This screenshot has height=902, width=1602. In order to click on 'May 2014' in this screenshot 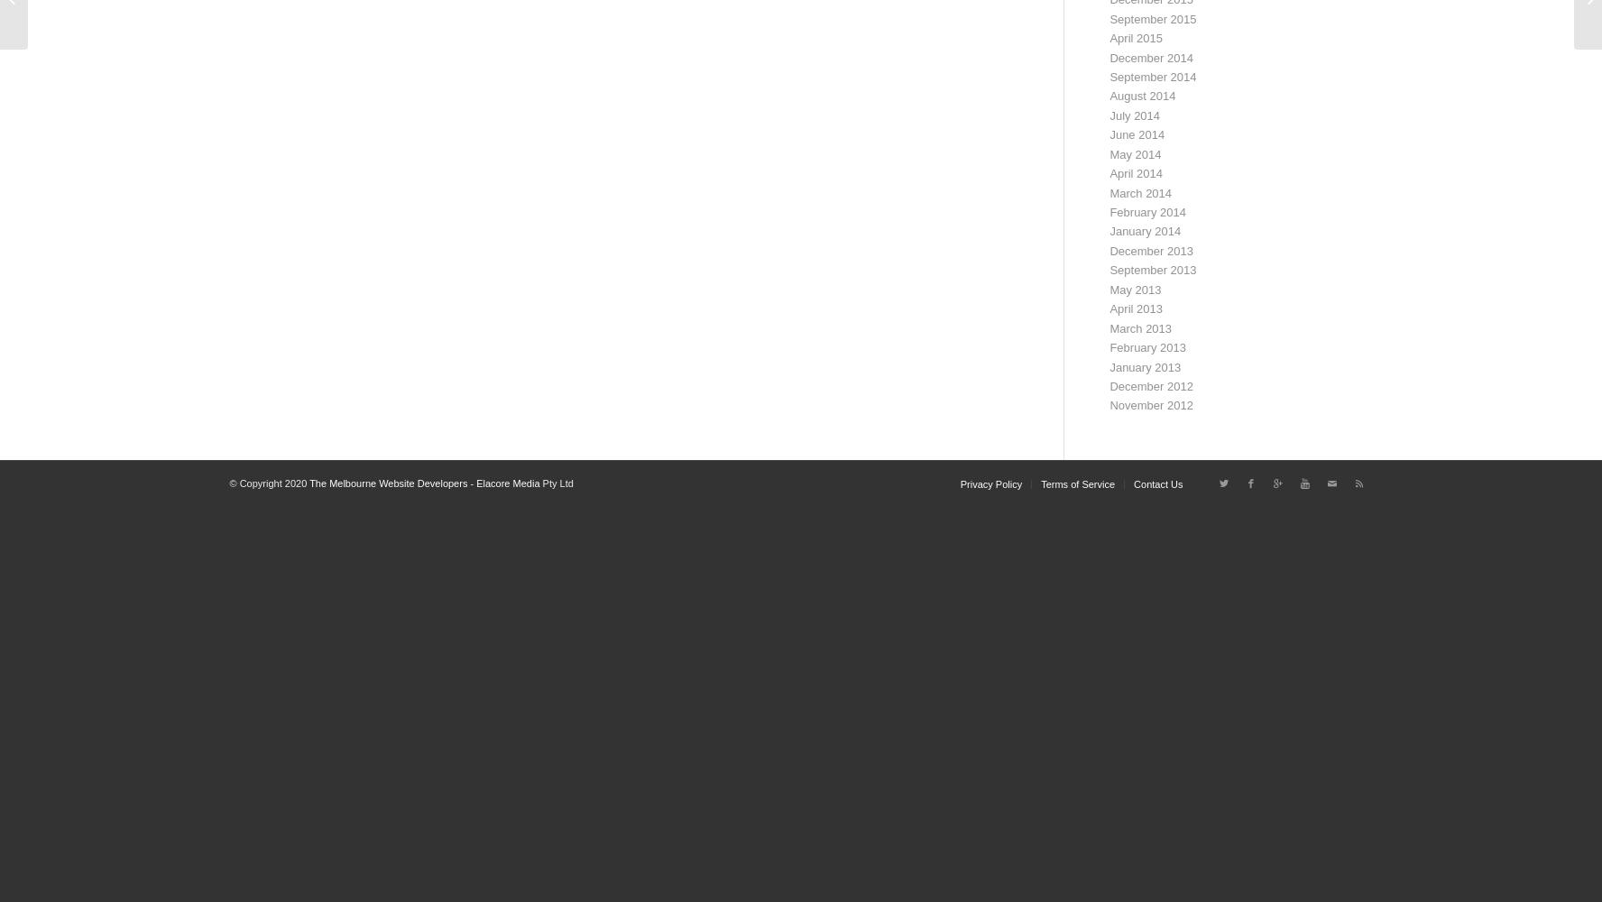, I will do `click(1109, 153)`.